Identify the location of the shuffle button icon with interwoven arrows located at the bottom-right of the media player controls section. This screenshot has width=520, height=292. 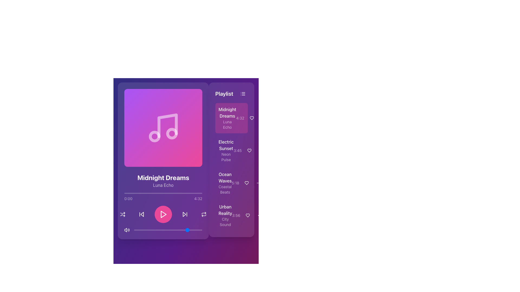
(122, 214).